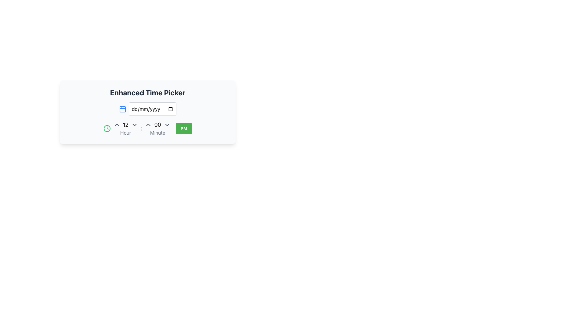 The image size is (586, 329). I want to click on the Chevron icon for the dropdown control, so click(167, 124).